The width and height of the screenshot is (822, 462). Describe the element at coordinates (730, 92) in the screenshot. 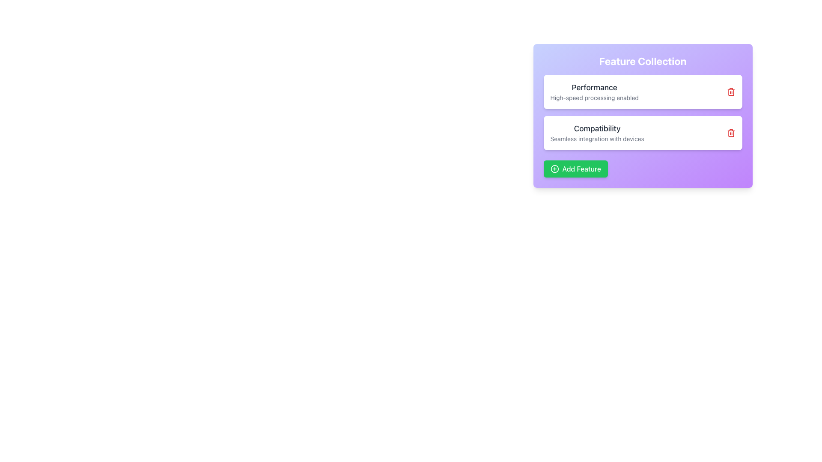

I see `the delete icon button located at the top-right corner of the 'Performance' card in the 'Feature Collection' section` at that location.